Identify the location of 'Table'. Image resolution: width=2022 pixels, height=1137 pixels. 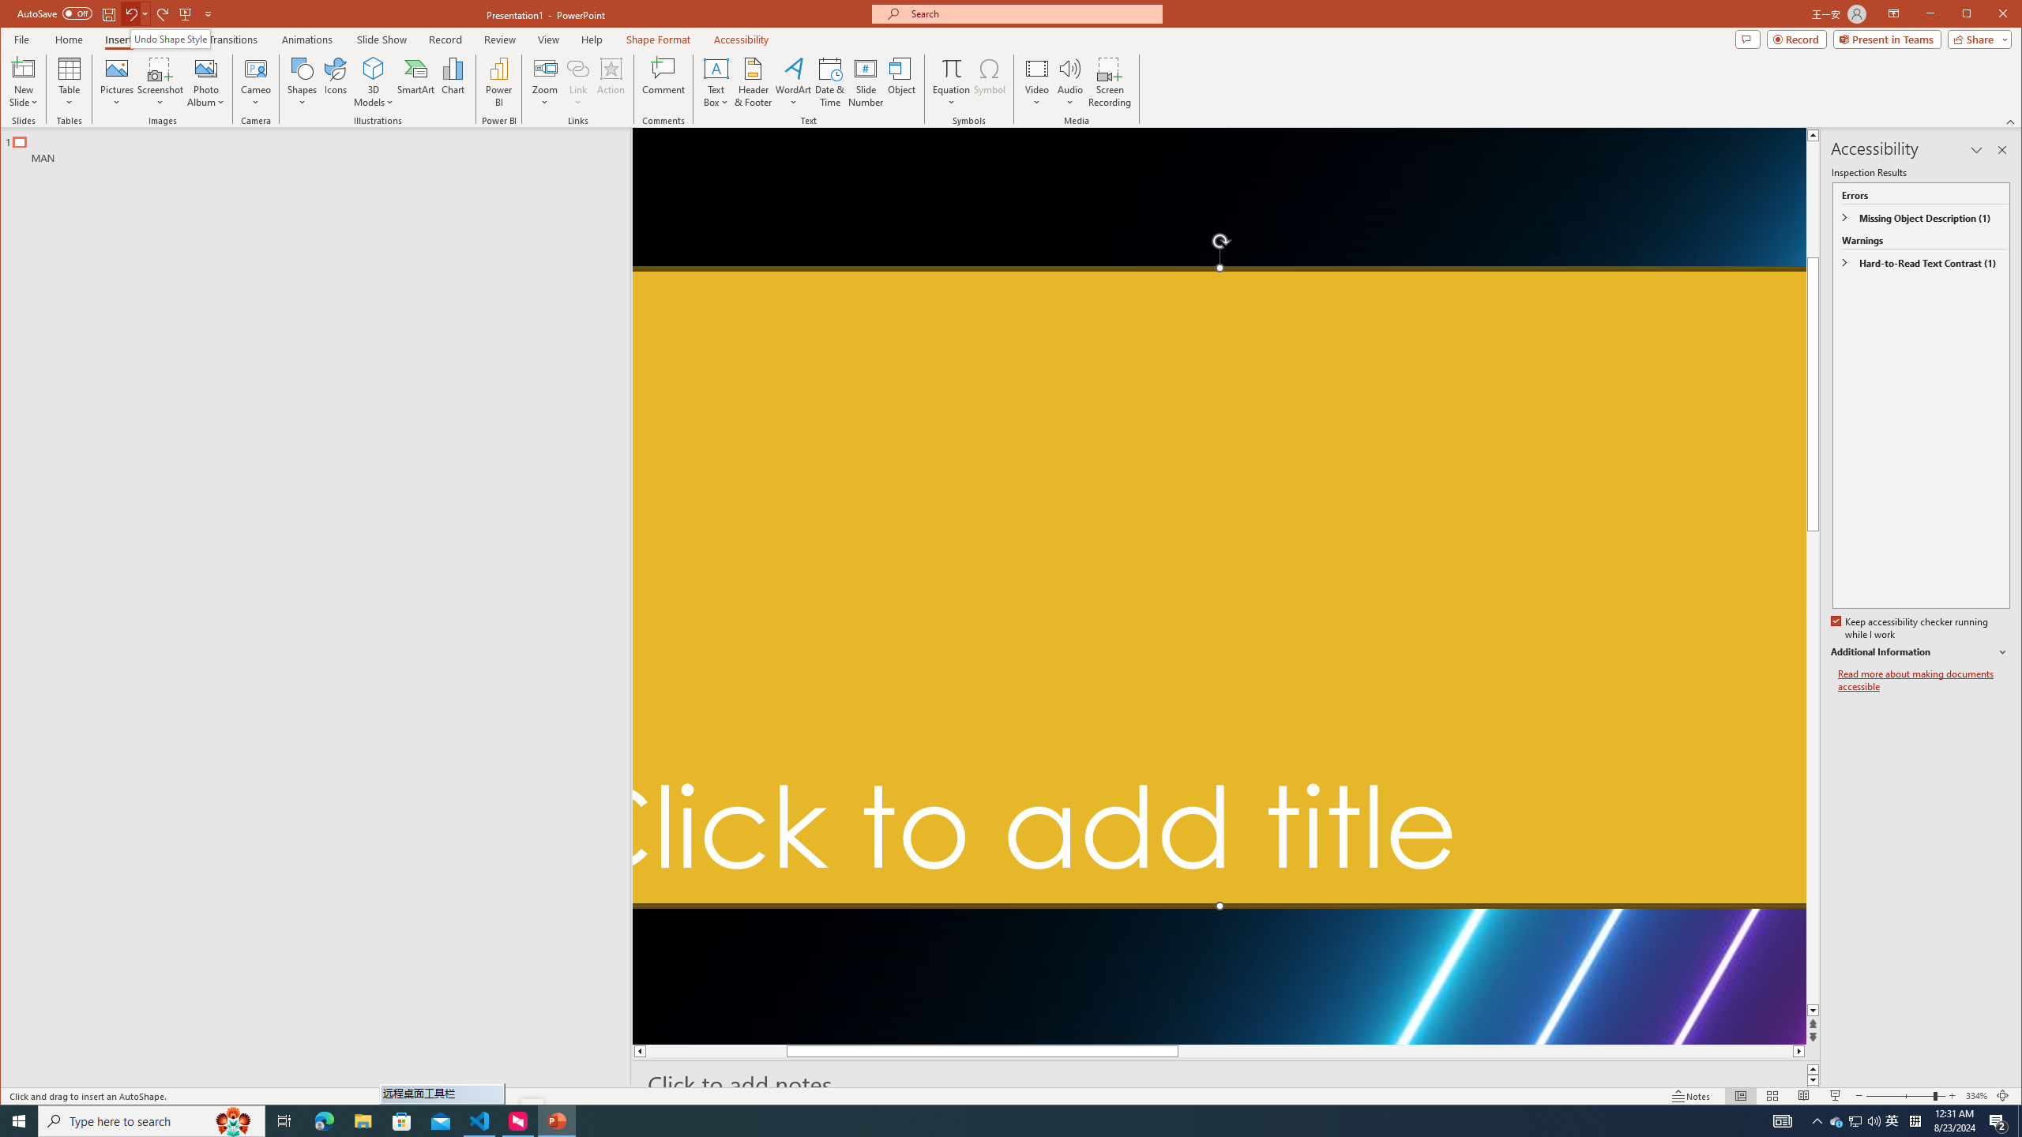
(69, 81).